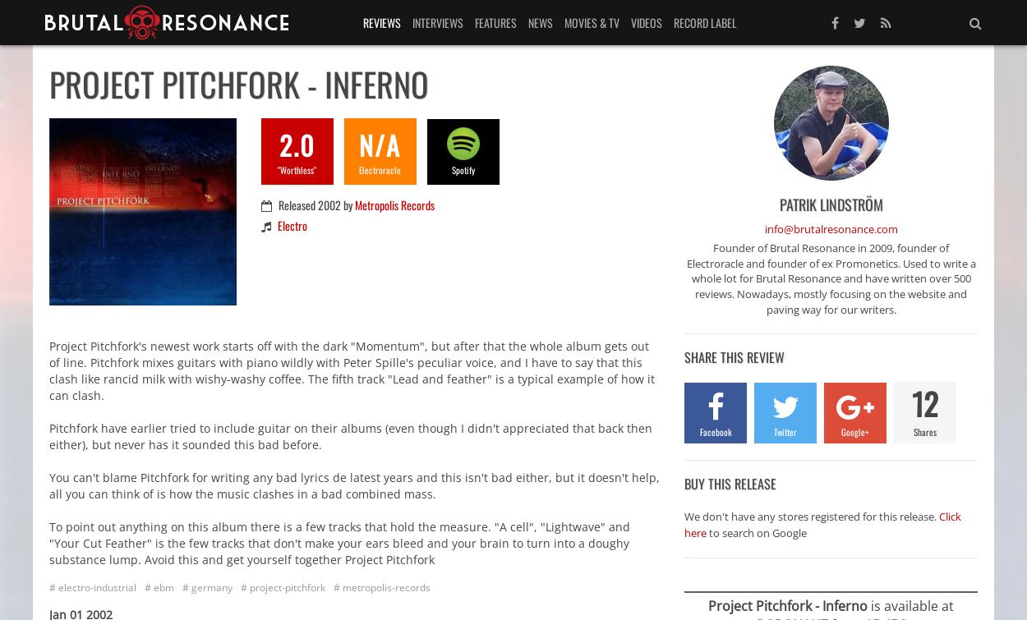 This screenshot has width=1027, height=620. Describe the element at coordinates (290, 225) in the screenshot. I see `'Electro'` at that location.